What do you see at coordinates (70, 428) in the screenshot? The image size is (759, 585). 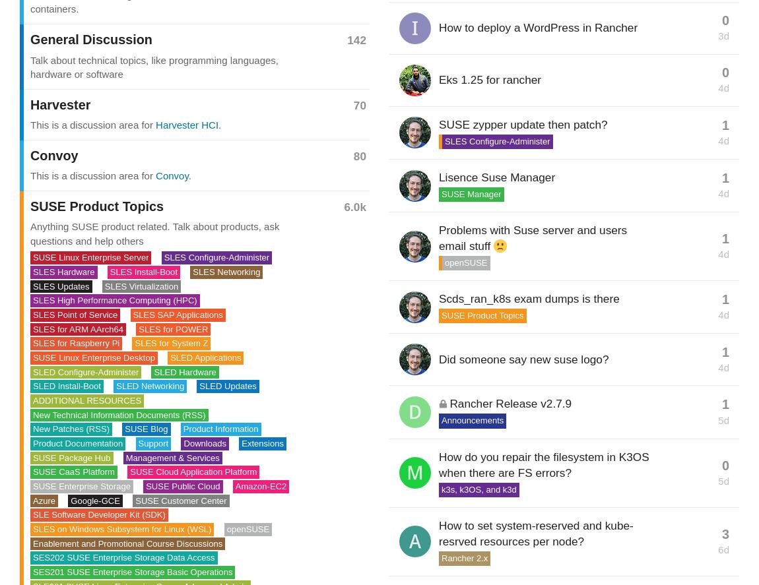 I see `'New Patches (RSS)'` at bounding box center [70, 428].